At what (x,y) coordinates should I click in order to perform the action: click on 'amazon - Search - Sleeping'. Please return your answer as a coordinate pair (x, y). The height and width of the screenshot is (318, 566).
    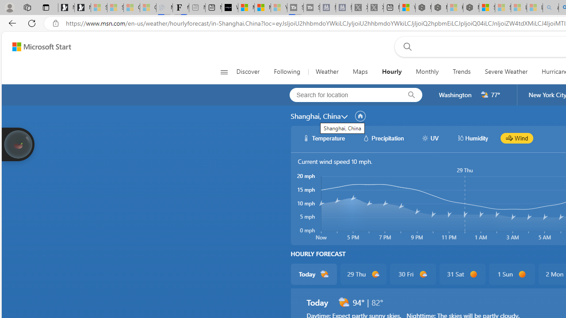
    Looking at the image, I should click on (550, 8).